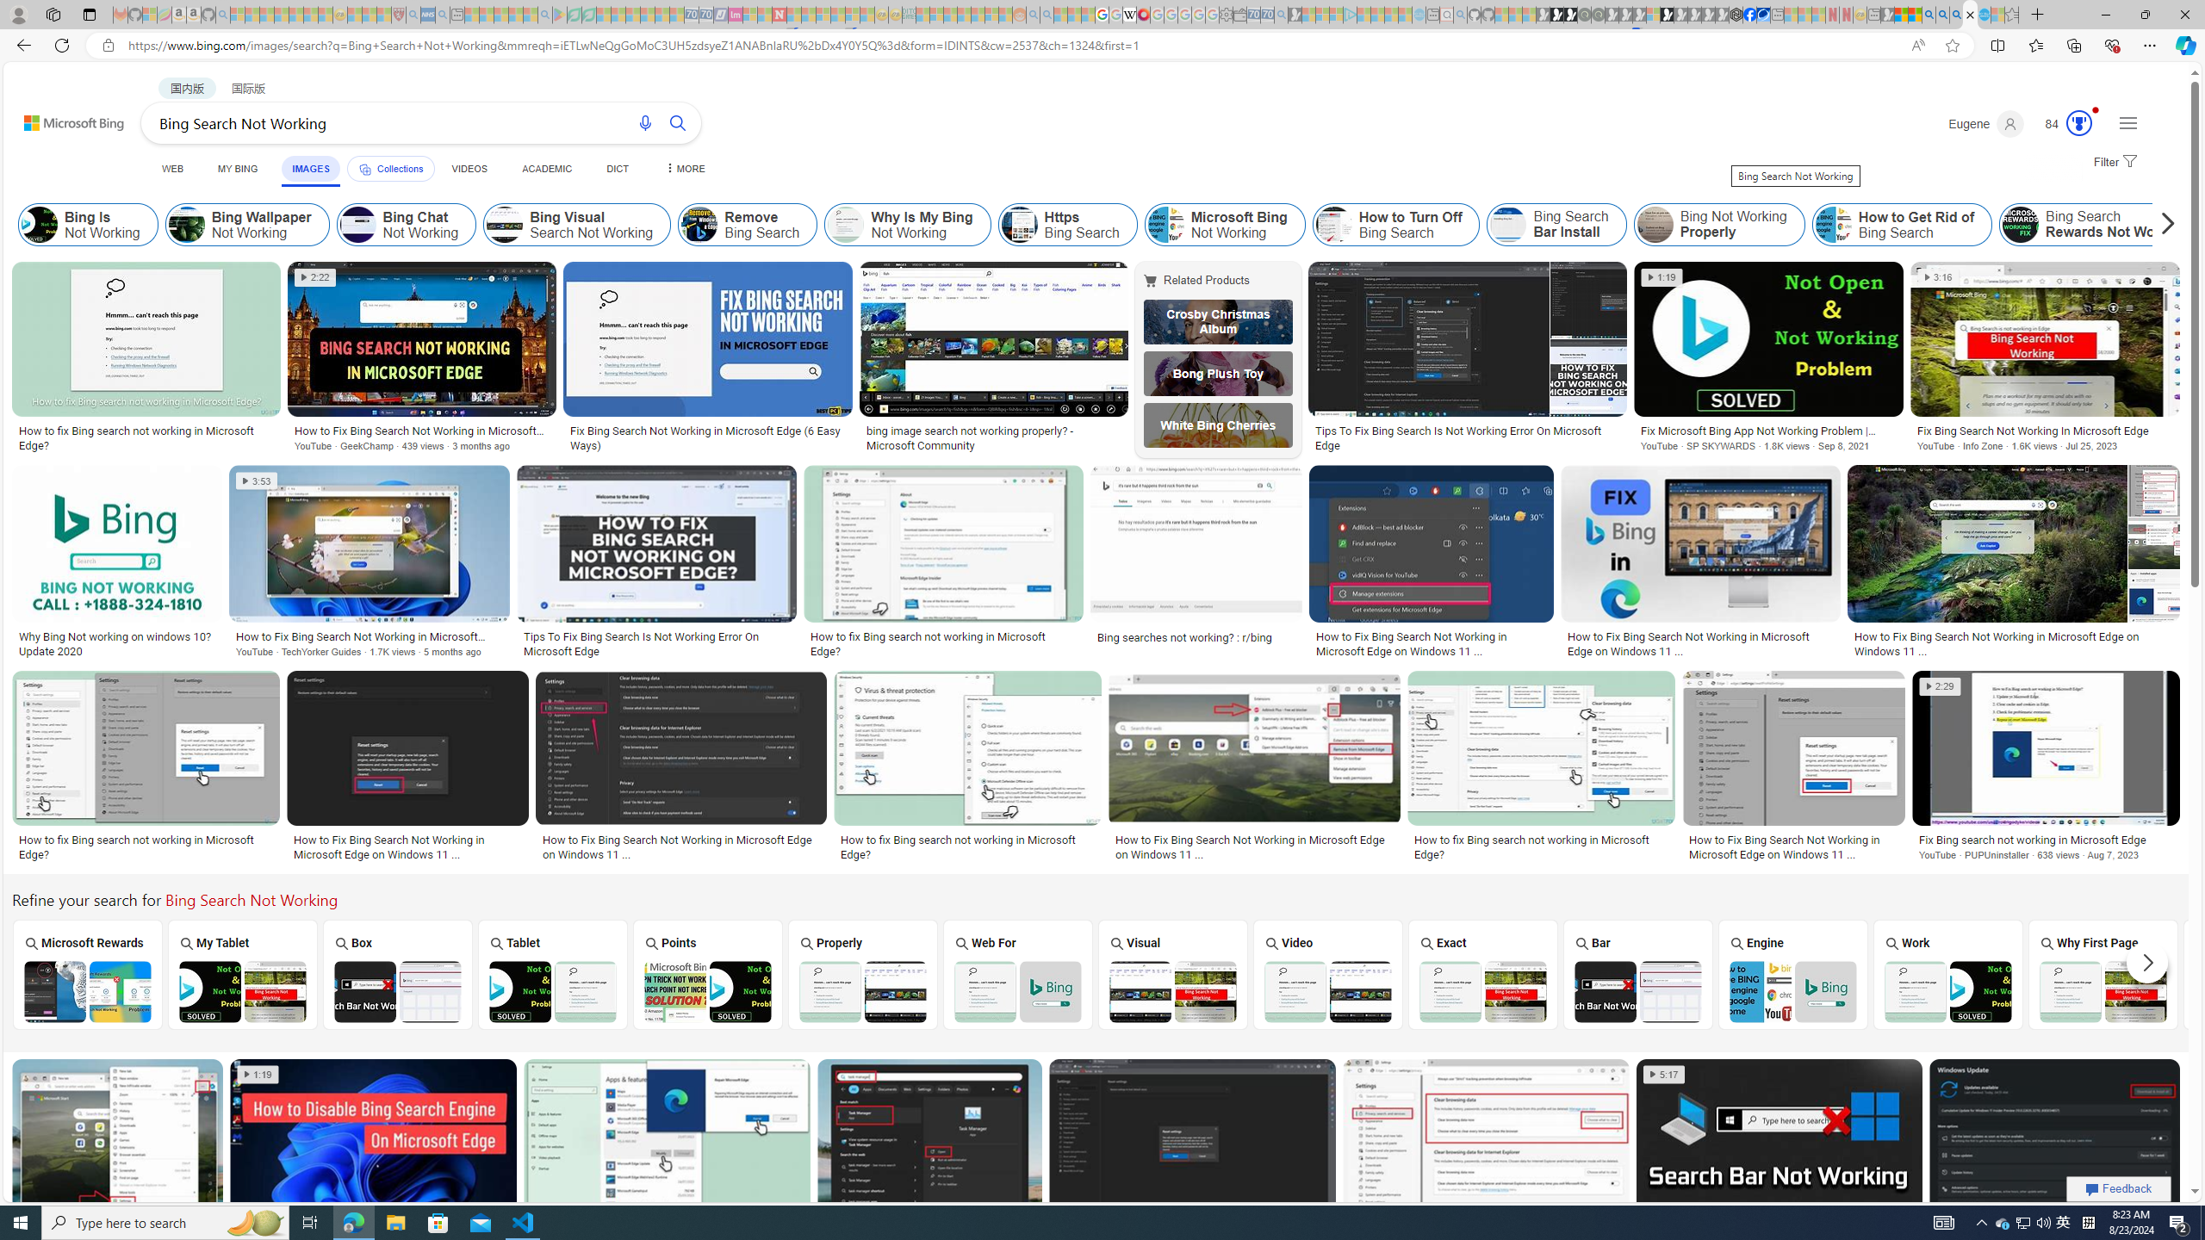 The image size is (2205, 1240). I want to click on 'Bing Search Rewards Not Working', so click(2020, 224).